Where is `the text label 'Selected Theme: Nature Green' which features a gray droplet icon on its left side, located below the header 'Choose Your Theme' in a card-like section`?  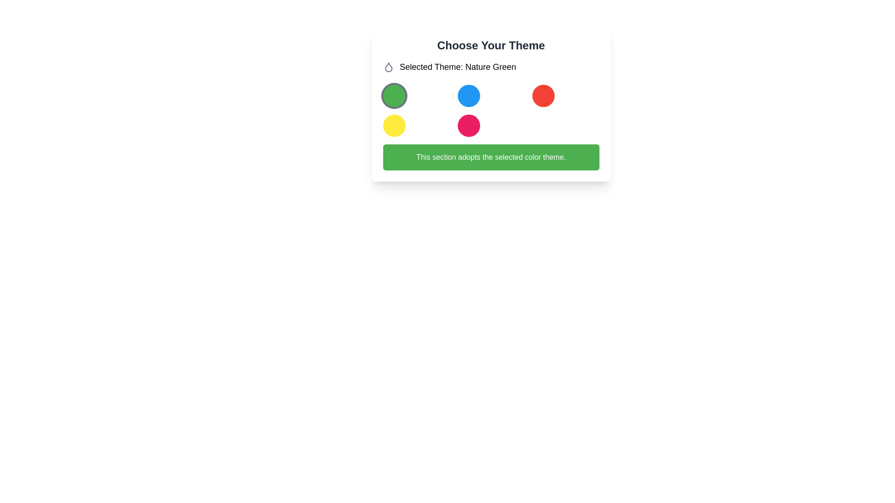
the text label 'Selected Theme: Nature Green' which features a gray droplet icon on its left side, located below the header 'Choose Your Theme' in a card-like section is located at coordinates (490, 66).